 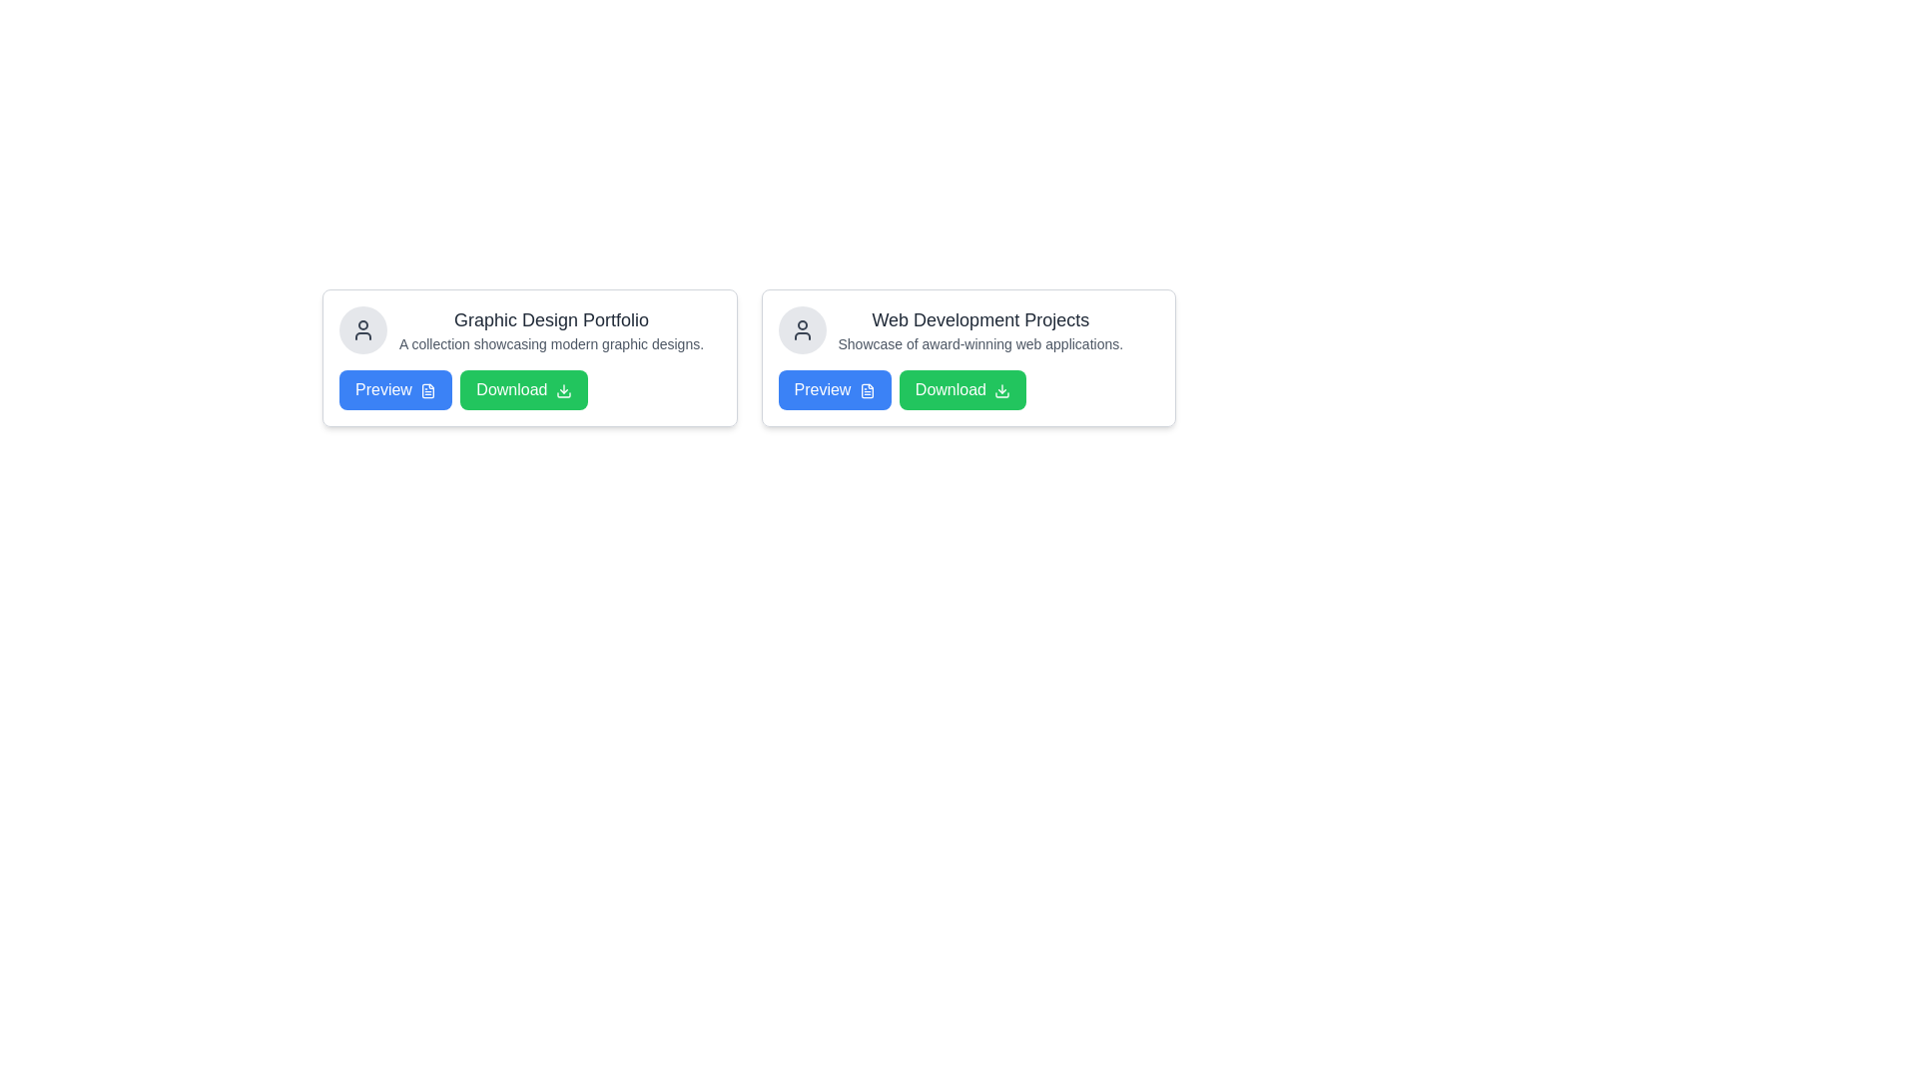 I want to click on the text element titled 'Graphic Design Portfolio' with the subtitle 'A collection showcasing modern graphic designs', which is located in the first card from the left in a series of two cards, so click(x=551, y=329).